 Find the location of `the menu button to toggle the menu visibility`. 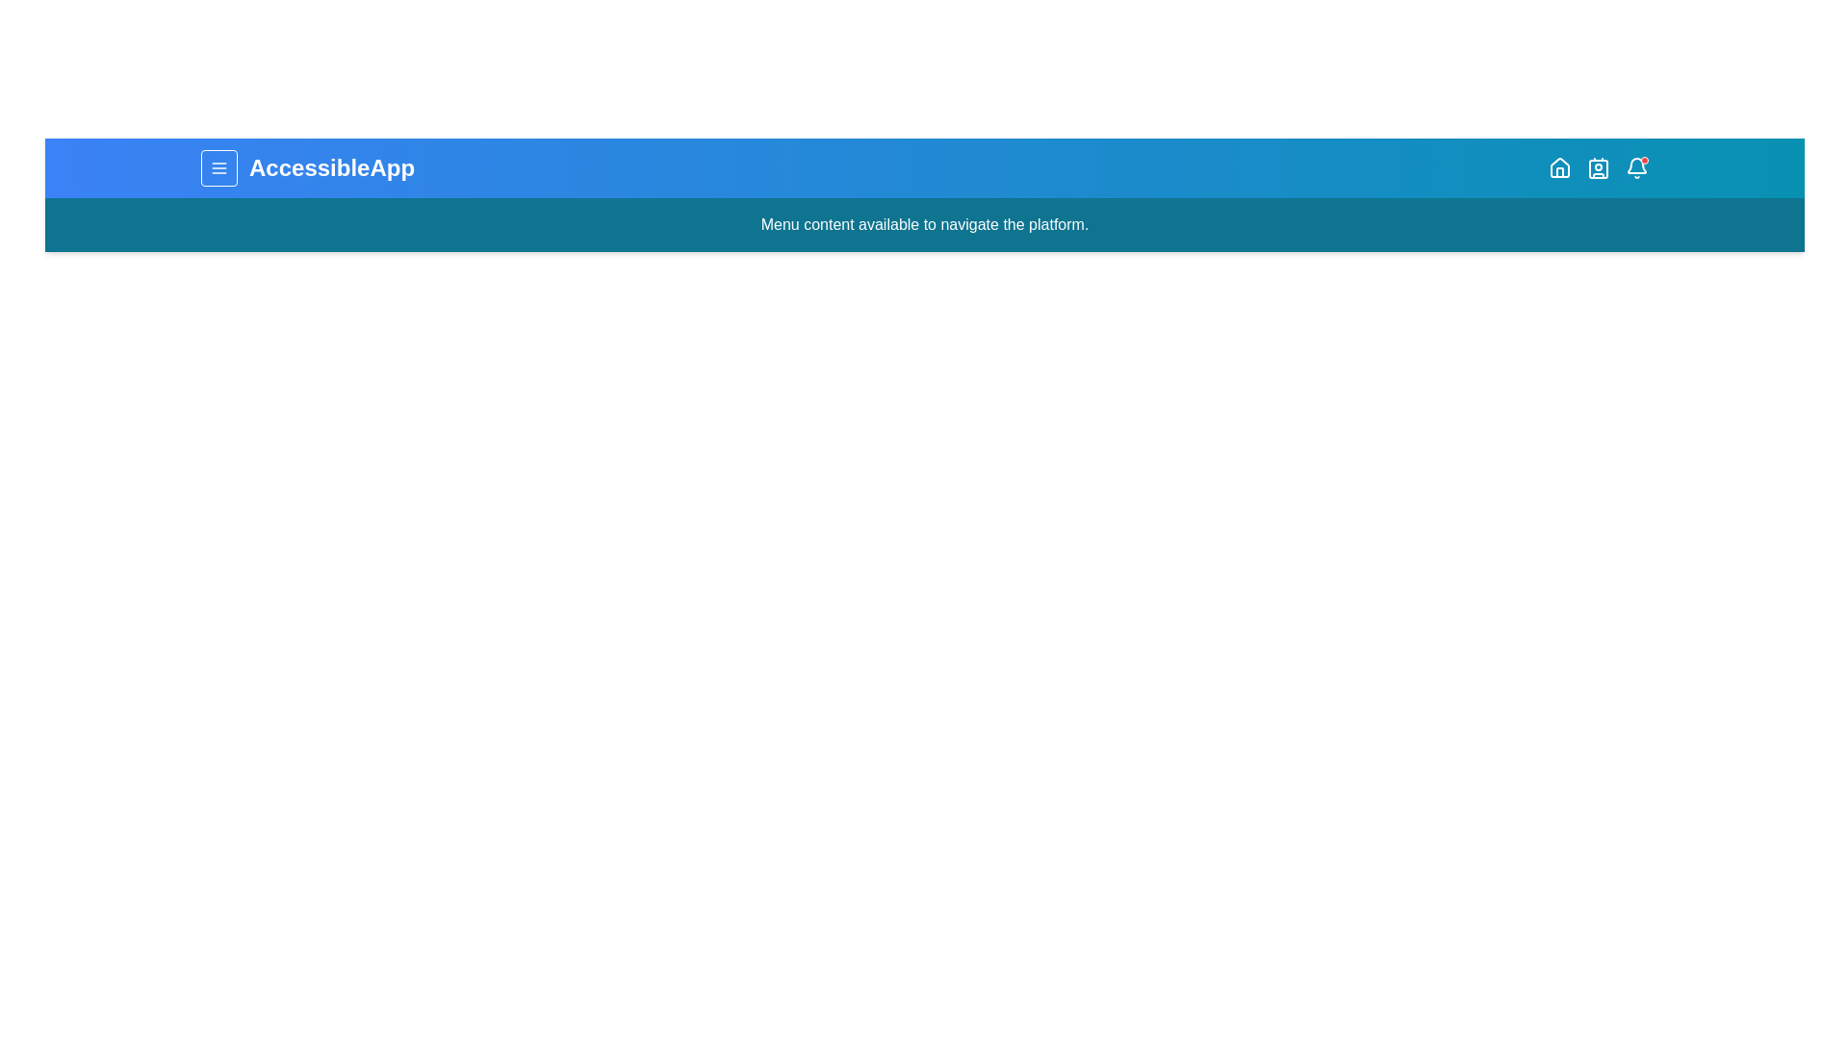

the menu button to toggle the menu visibility is located at coordinates (218, 166).